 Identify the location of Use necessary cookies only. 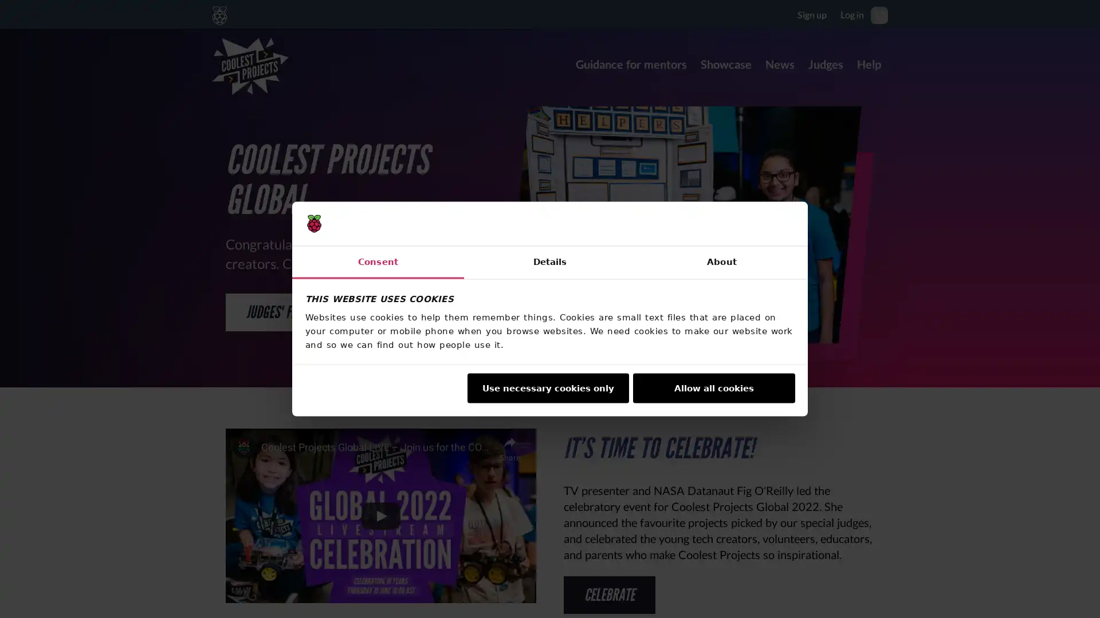
(547, 387).